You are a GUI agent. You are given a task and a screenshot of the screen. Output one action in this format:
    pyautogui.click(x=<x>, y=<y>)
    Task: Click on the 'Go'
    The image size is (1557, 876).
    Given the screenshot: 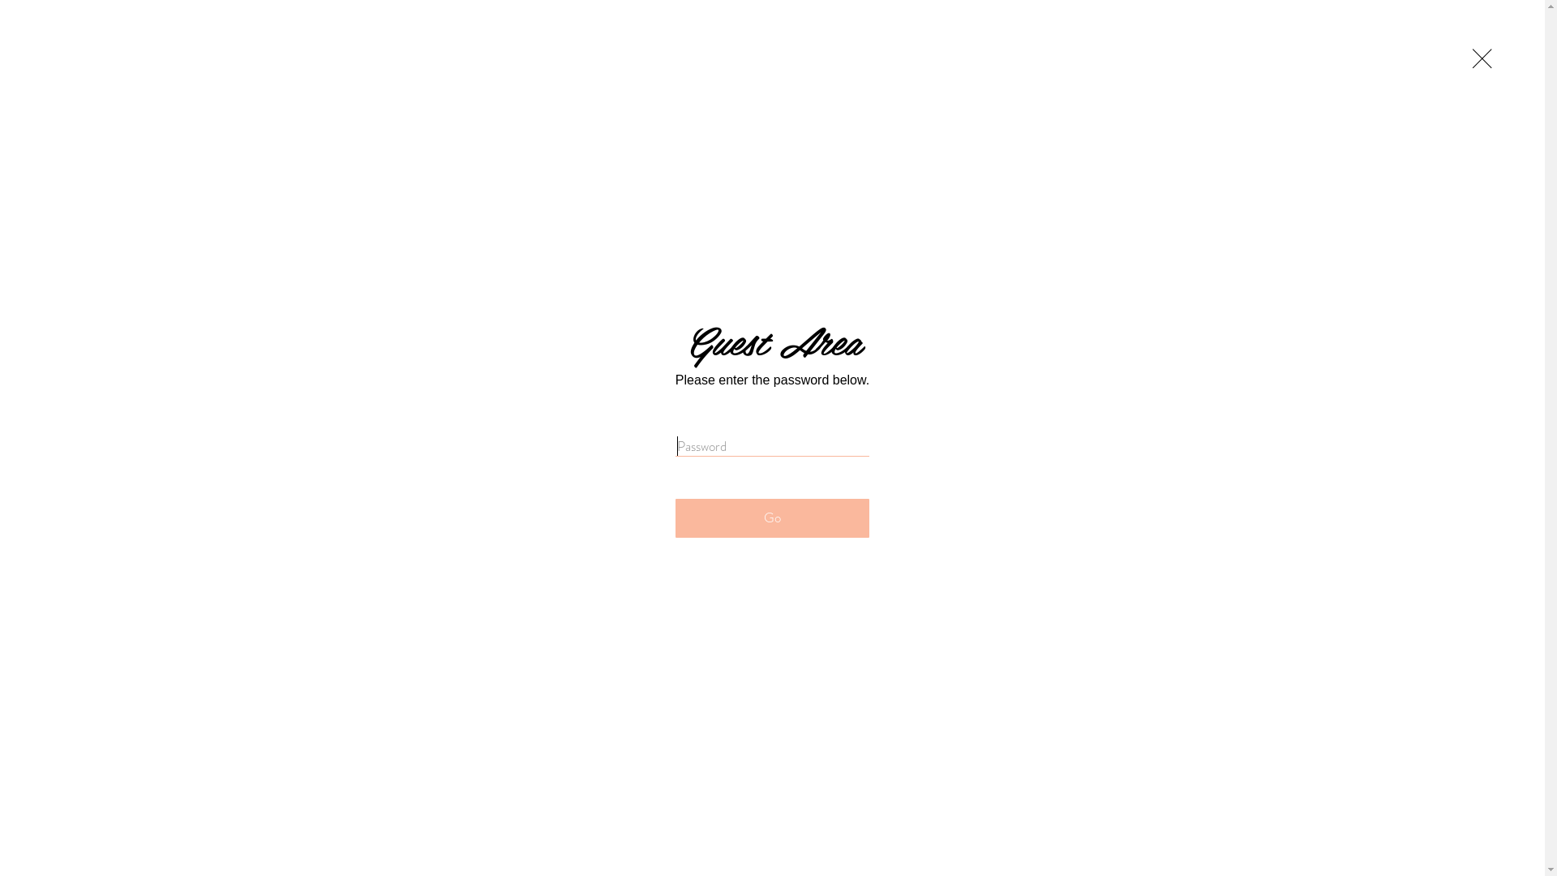 What is the action you would take?
    pyautogui.click(x=676, y=518)
    